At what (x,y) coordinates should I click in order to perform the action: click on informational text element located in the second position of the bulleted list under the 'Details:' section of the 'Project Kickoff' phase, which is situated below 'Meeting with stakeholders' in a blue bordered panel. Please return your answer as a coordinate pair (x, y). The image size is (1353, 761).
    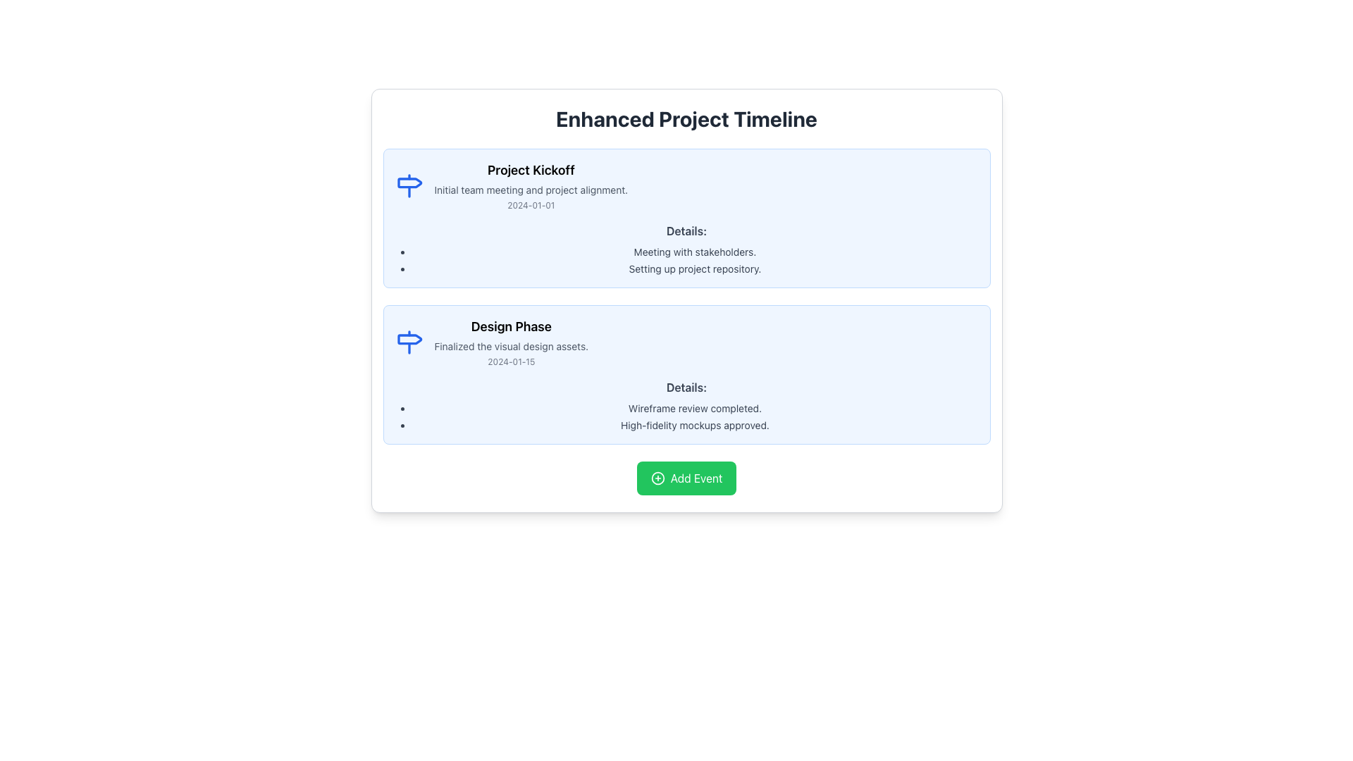
    Looking at the image, I should click on (695, 268).